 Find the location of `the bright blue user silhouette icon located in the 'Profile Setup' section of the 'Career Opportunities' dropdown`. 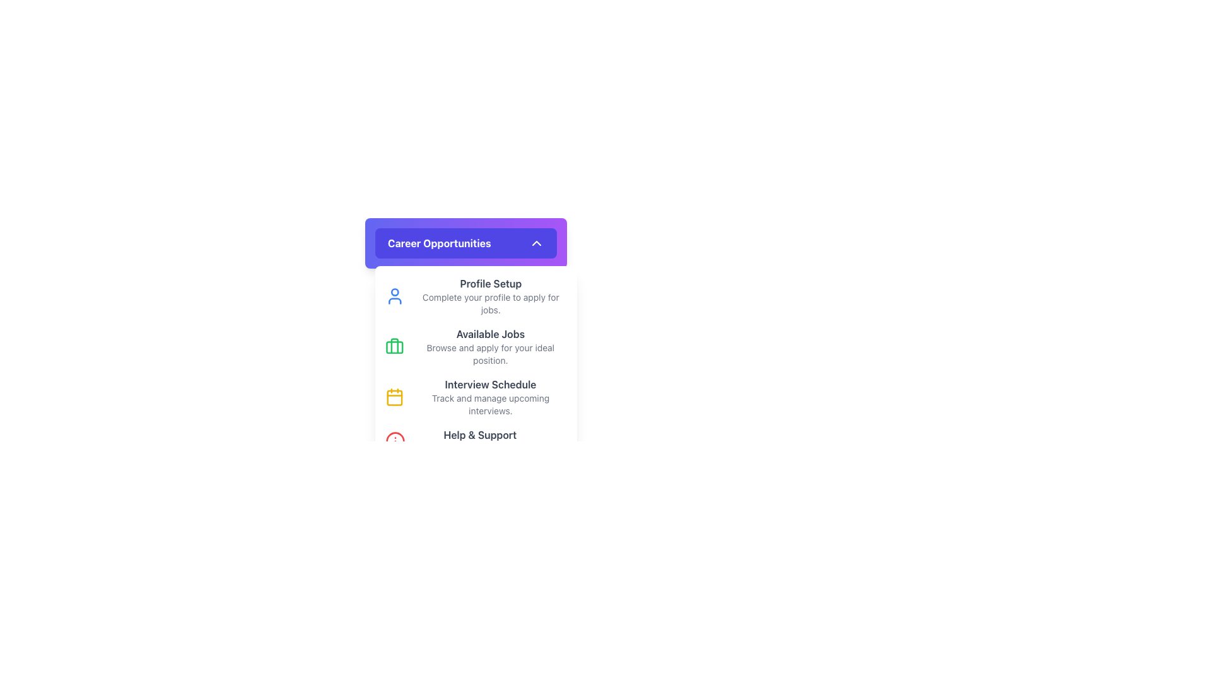

the bright blue user silhouette icon located in the 'Profile Setup' section of the 'Career Opportunities' dropdown is located at coordinates (394, 296).